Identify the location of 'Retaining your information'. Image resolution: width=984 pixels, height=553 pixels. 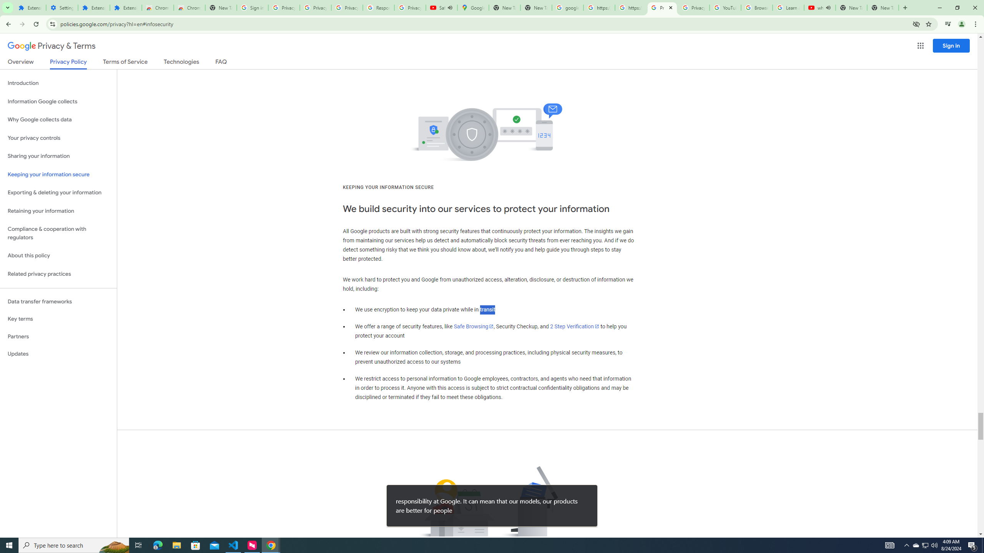
(58, 211).